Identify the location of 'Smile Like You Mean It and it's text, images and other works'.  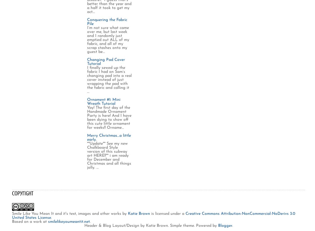
(66, 213).